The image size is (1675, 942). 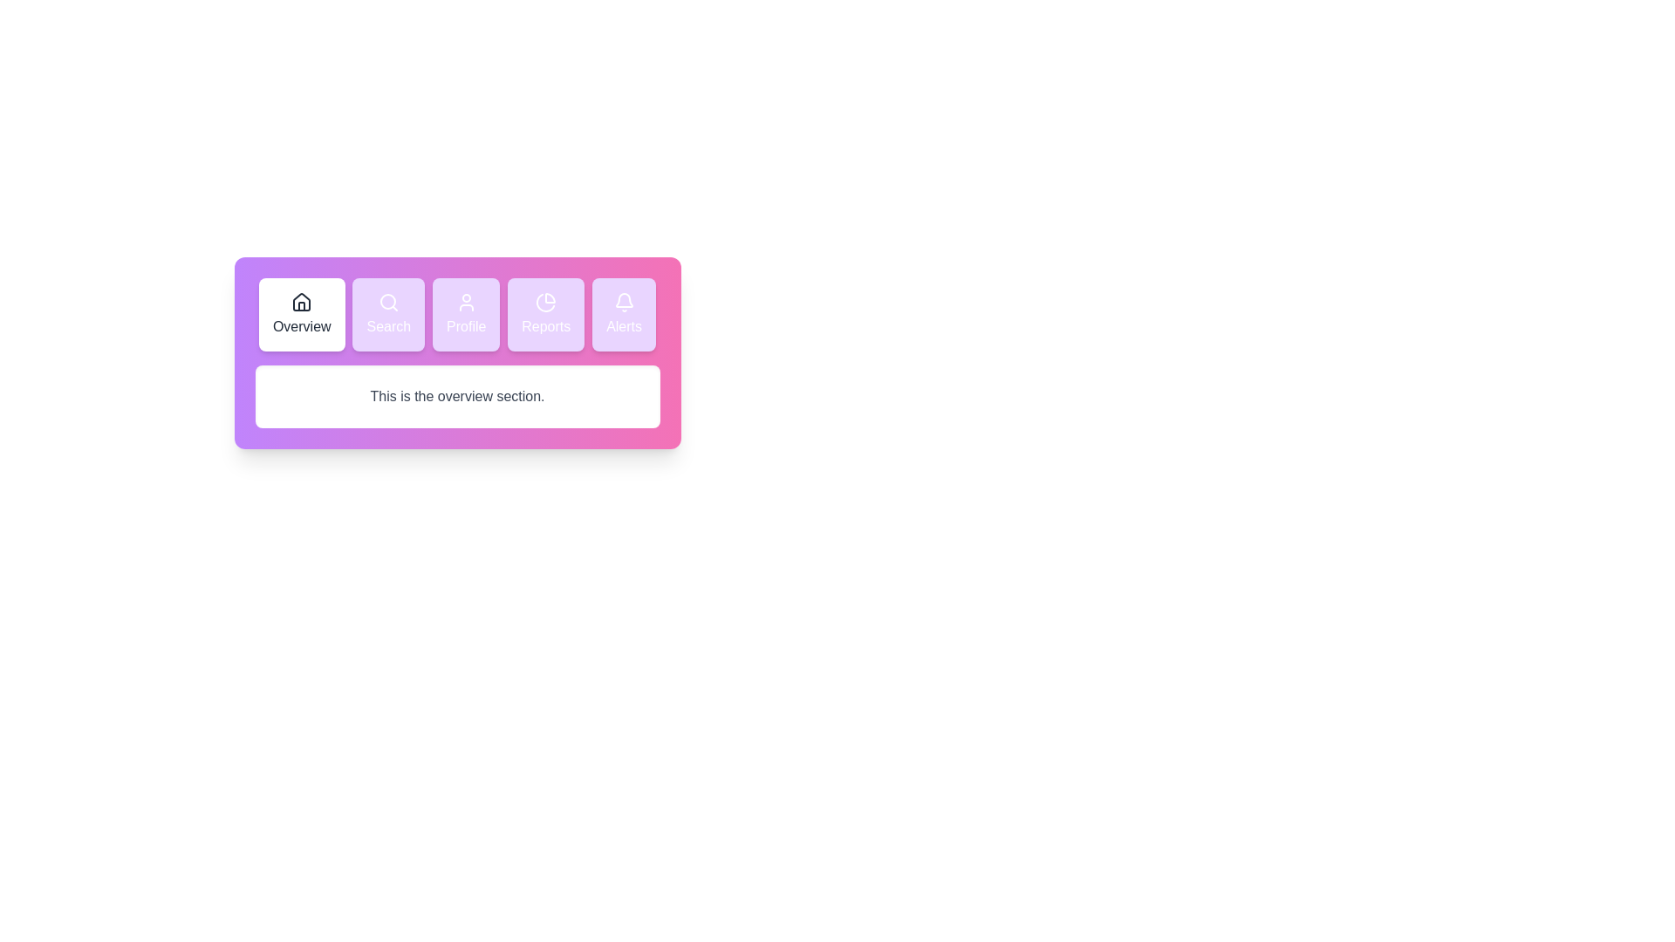 I want to click on the 'Alerts' navigation button located at the top-right corner of the button row, so click(x=624, y=315).